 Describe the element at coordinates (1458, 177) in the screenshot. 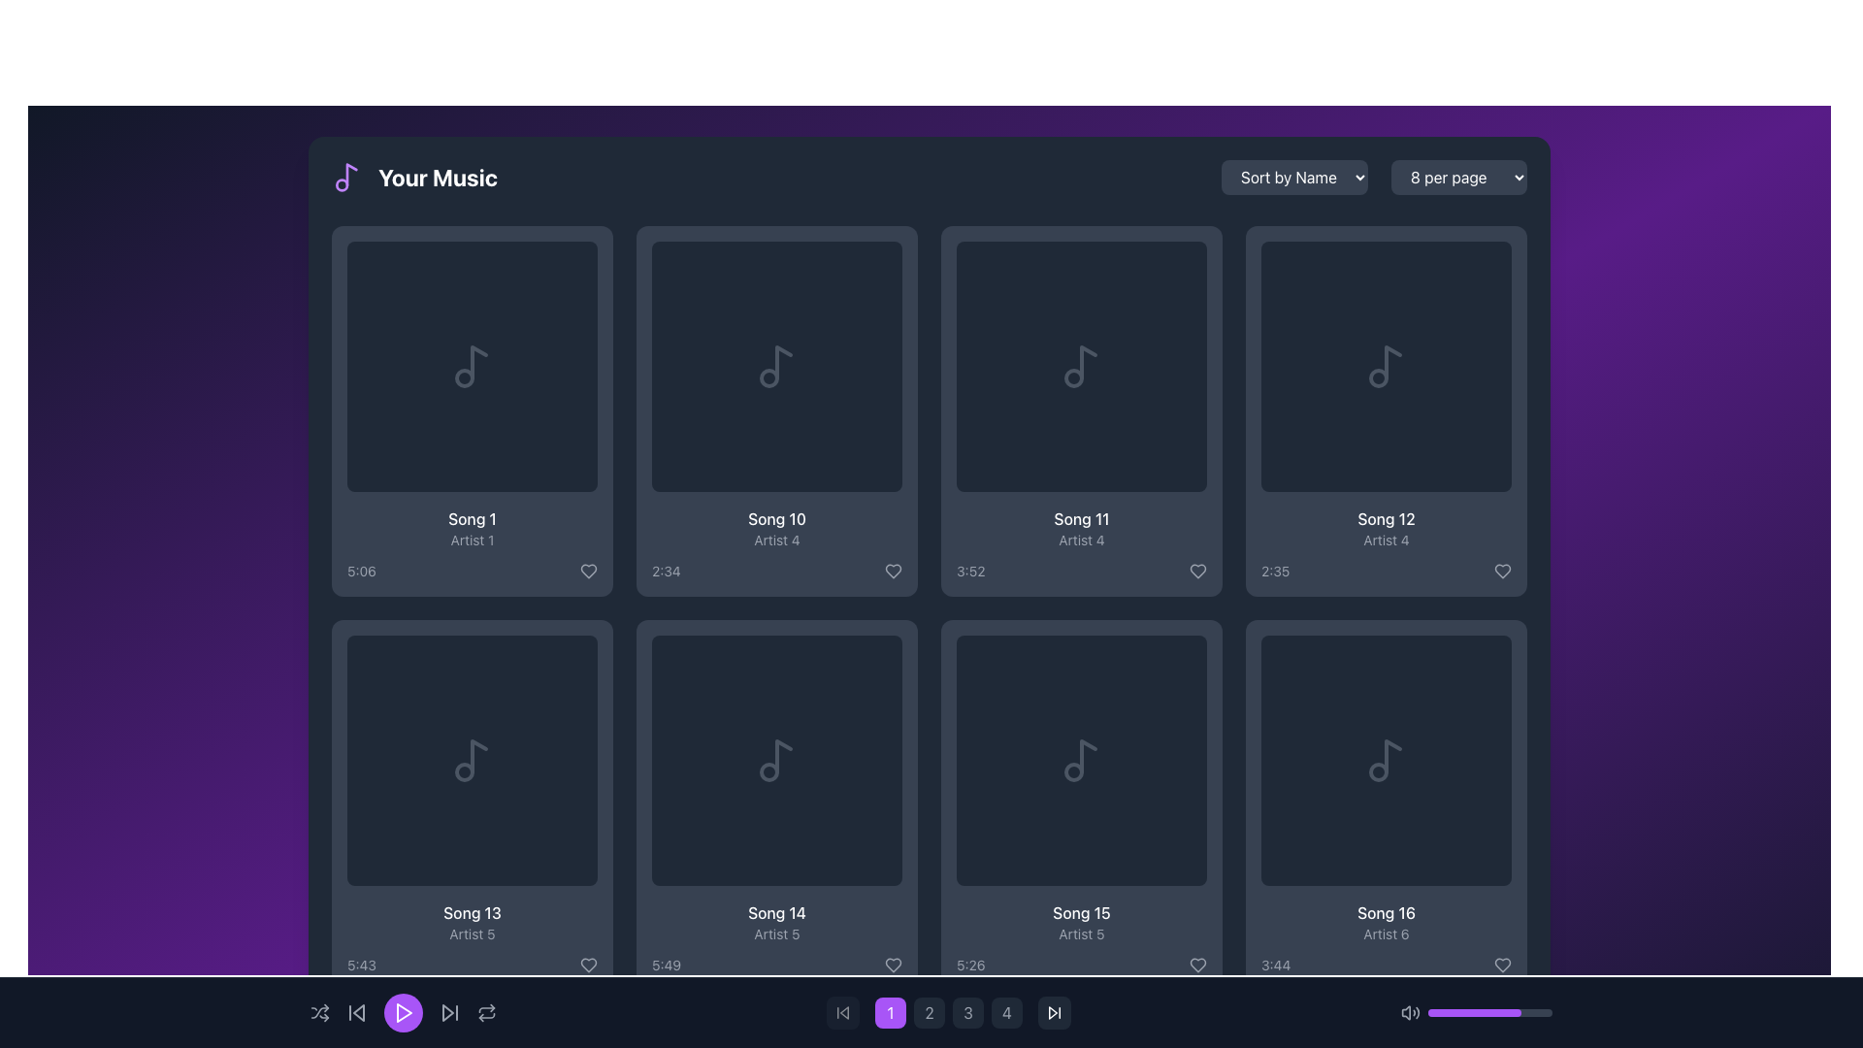

I see `the Dropdown button labeled '8 per page' with a dark gray background and white text` at that location.